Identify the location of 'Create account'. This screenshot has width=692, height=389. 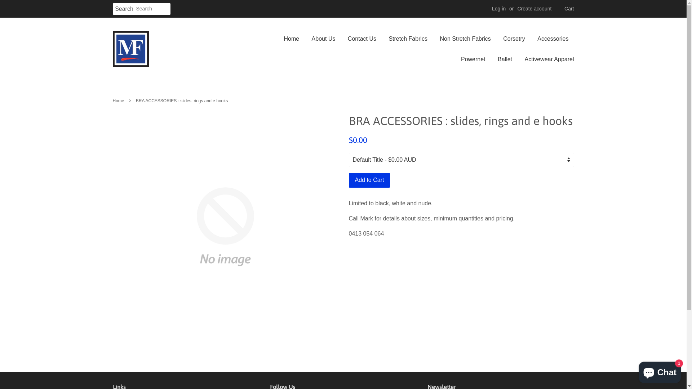
(534, 8).